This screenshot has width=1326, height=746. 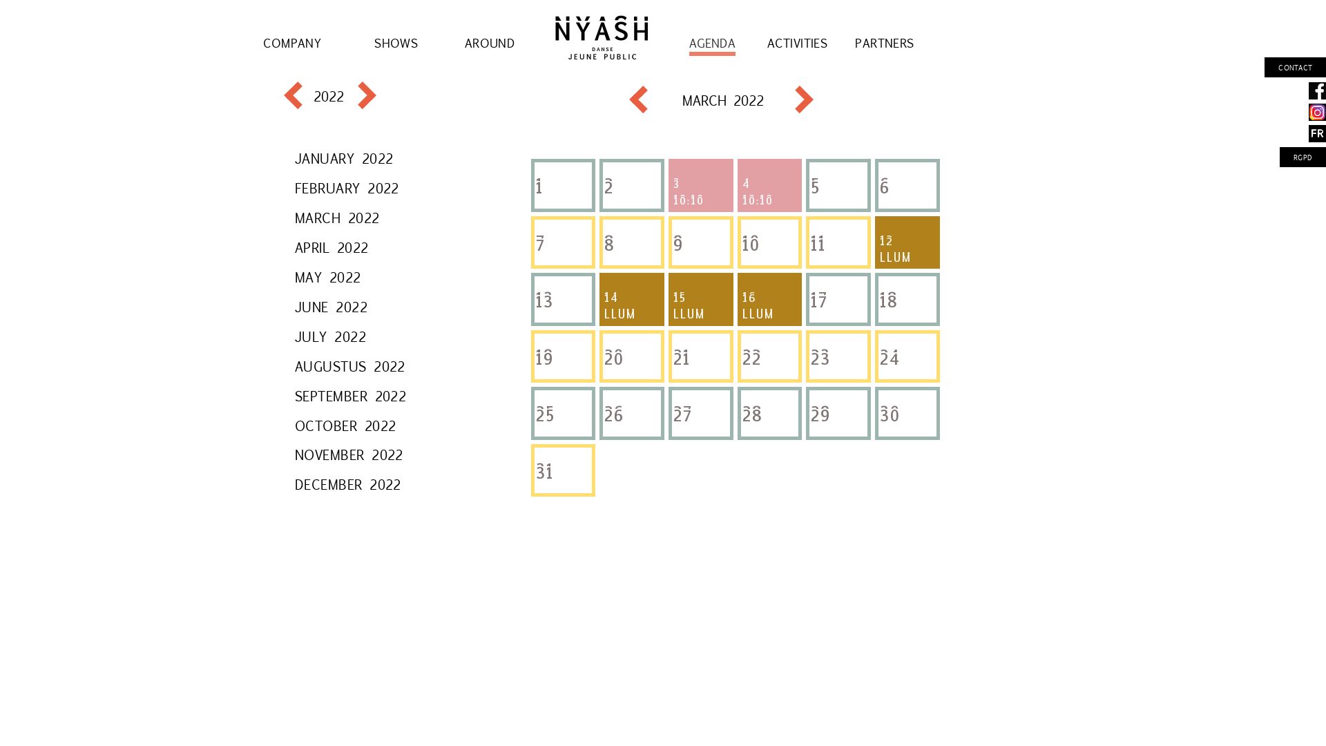 I want to click on 'APRIL 2022', so click(x=331, y=246).